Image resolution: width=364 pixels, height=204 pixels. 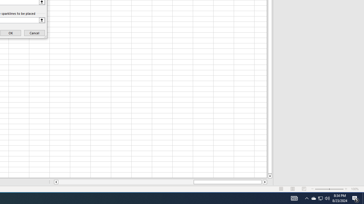 What do you see at coordinates (270, 176) in the screenshot?
I see `'Line down'` at bounding box center [270, 176].